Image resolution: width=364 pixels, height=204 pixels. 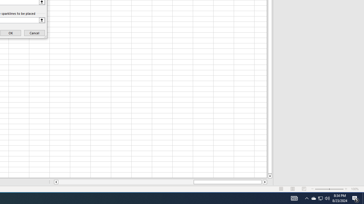 What do you see at coordinates (270, 176) in the screenshot?
I see `'Line down'` at bounding box center [270, 176].